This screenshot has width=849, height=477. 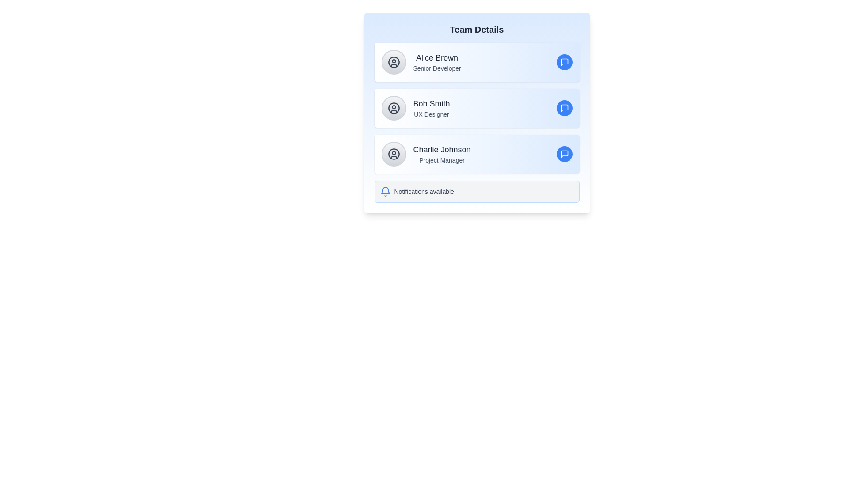 I want to click on the 'Notifications available.' text label, which is styled with a gray font and located to the right of a blue bell icon within a notification card, so click(x=425, y=191).